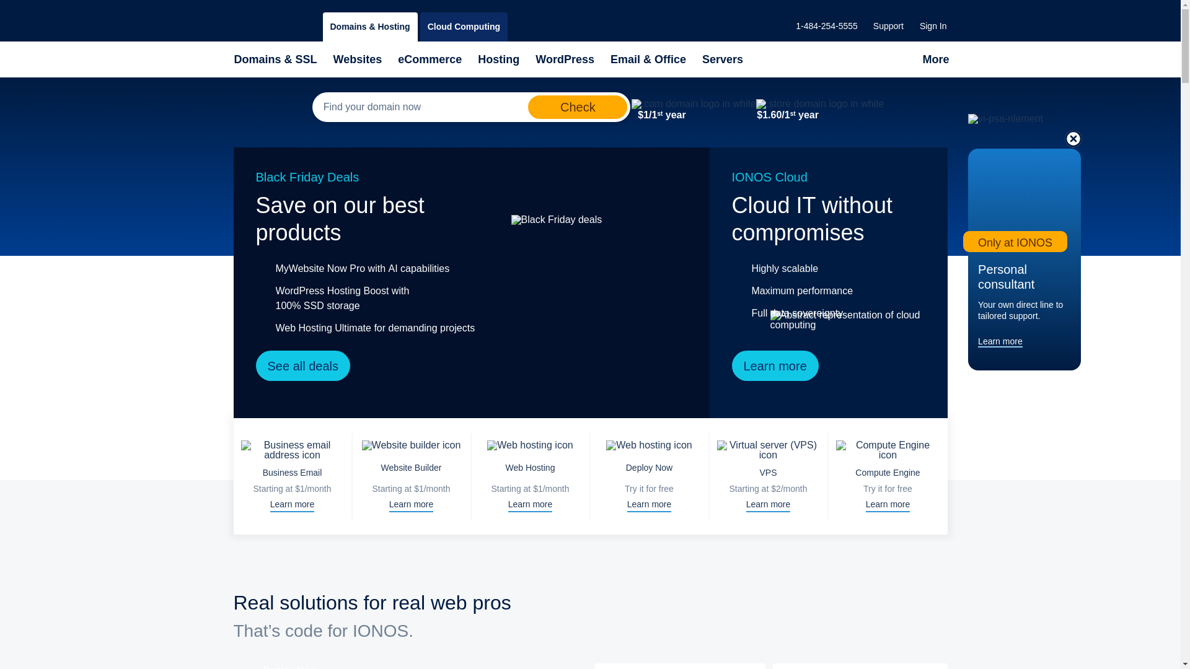 This screenshot has height=669, width=1190. Describe the element at coordinates (723, 59) in the screenshot. I see `'Servers'` at that location.